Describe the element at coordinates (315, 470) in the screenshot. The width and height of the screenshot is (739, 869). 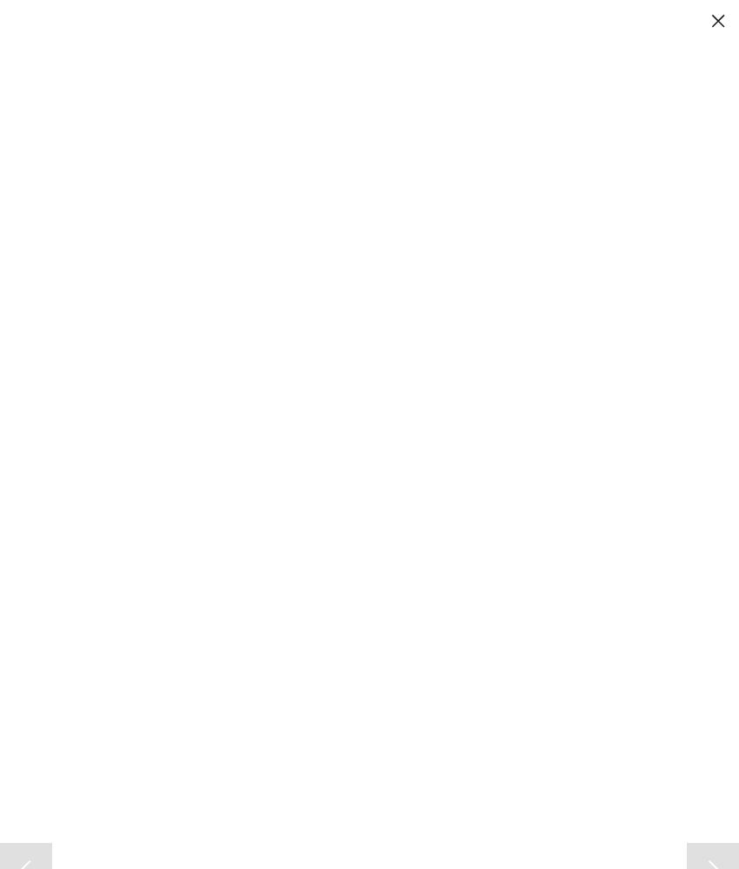
I see `'Don Lansu for the Northwest Herald: Carly Nolan (16) of Crystal Lake South's girls volleyball team goes for the spike against Lake Zurich H.S.
as her teamates position for the return. Crystal Lake won both games
25-18 to secure the 4a supersectional victory 11/9/13.'` at that location.